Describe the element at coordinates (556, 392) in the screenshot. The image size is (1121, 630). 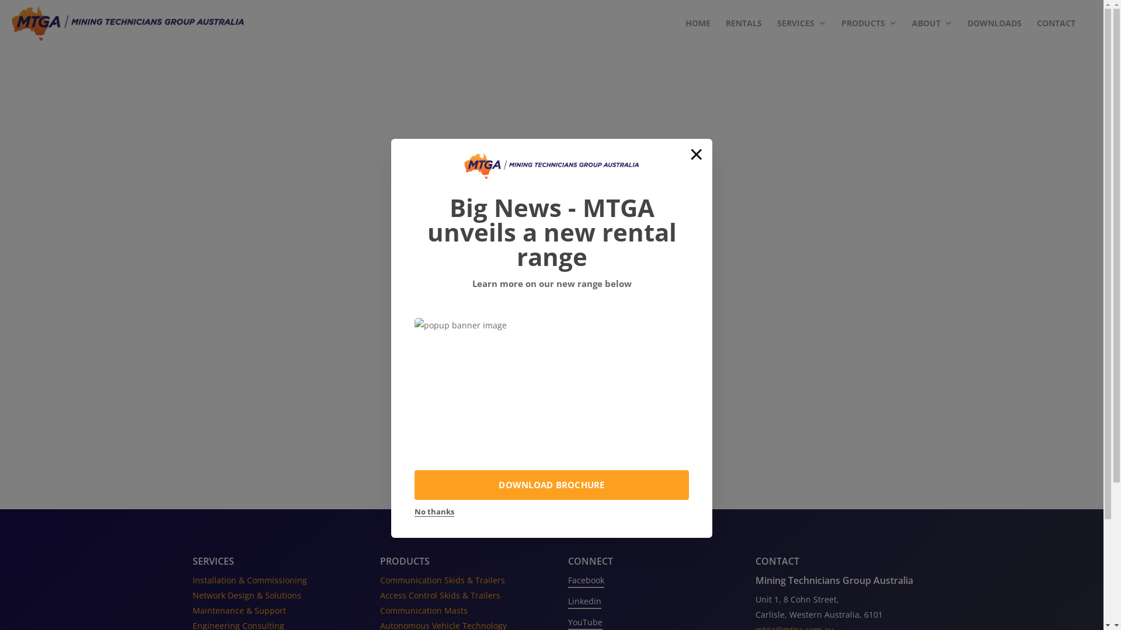
I see `'Back Home'` at that location.